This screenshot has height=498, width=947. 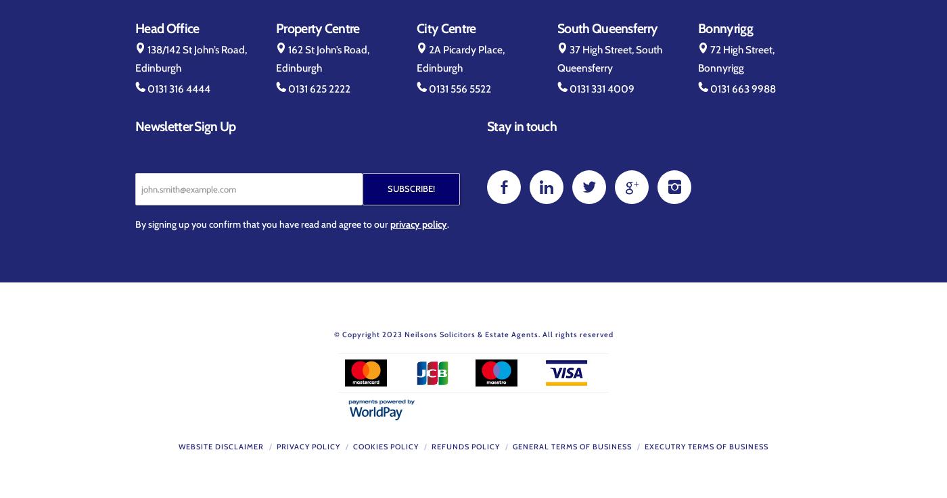 I want to click on 'Website Disclaimer', so click(x=221, y=445).